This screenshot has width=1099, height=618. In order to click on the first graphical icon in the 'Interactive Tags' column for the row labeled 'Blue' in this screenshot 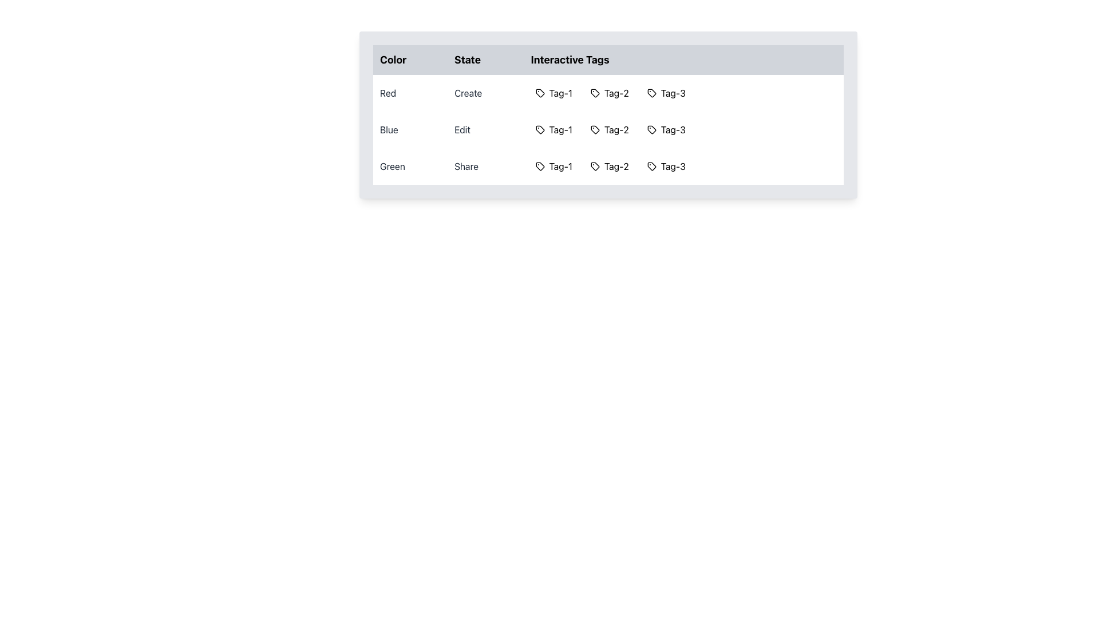, I will do `click(539, 129)`.